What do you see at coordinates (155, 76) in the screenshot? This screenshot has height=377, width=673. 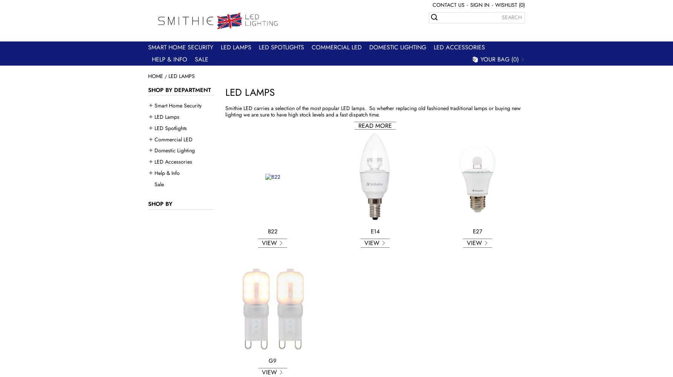 I see `'Home'` at bounding box center [155, 76].